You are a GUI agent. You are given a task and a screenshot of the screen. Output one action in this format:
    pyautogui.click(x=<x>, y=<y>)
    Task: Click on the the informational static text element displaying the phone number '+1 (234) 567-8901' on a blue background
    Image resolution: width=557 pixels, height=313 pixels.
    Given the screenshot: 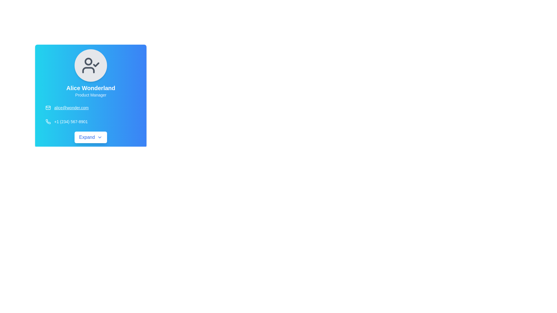 What is the action you would take?
    pyautogui.click(x=70, y=121)
    